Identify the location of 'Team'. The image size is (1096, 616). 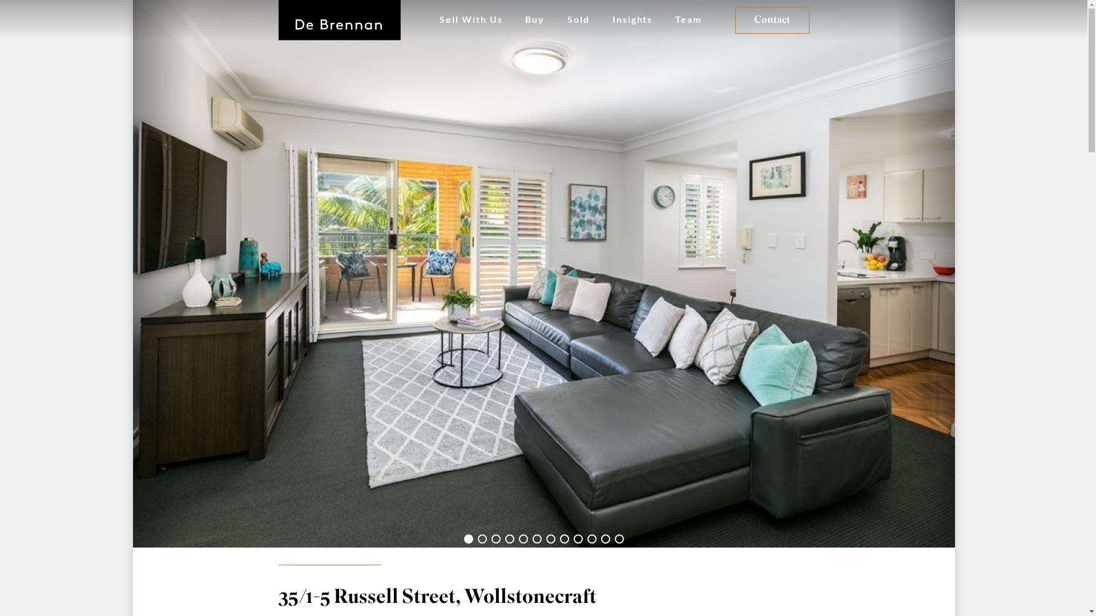
(687, 19).